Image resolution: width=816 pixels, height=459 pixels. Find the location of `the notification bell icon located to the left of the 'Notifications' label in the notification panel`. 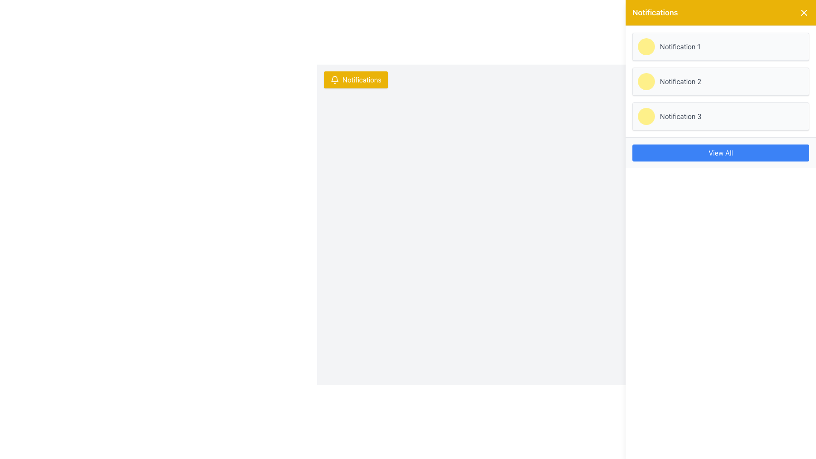

the notification bell icon located to the left of the 'Notifications' label in the notification panel is located at coordinates (334, 79).